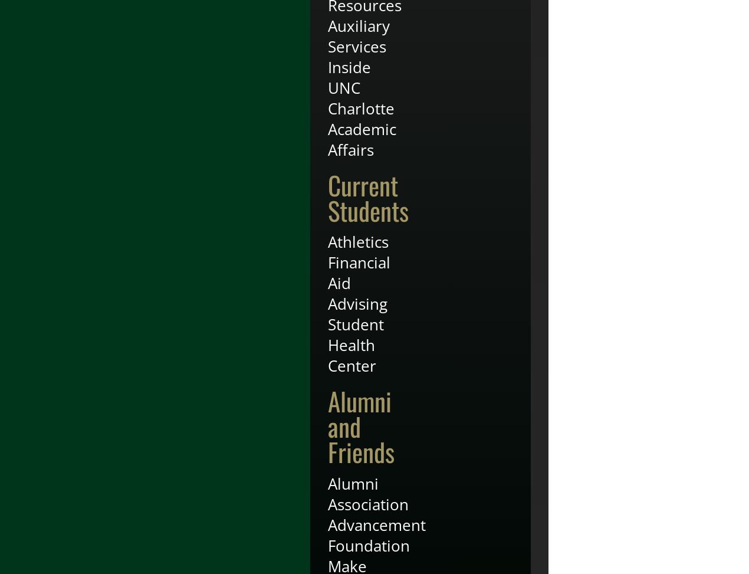 This screenshot has width=749, height=574. I want to click on 'Student Health Center', so click(356, 345).